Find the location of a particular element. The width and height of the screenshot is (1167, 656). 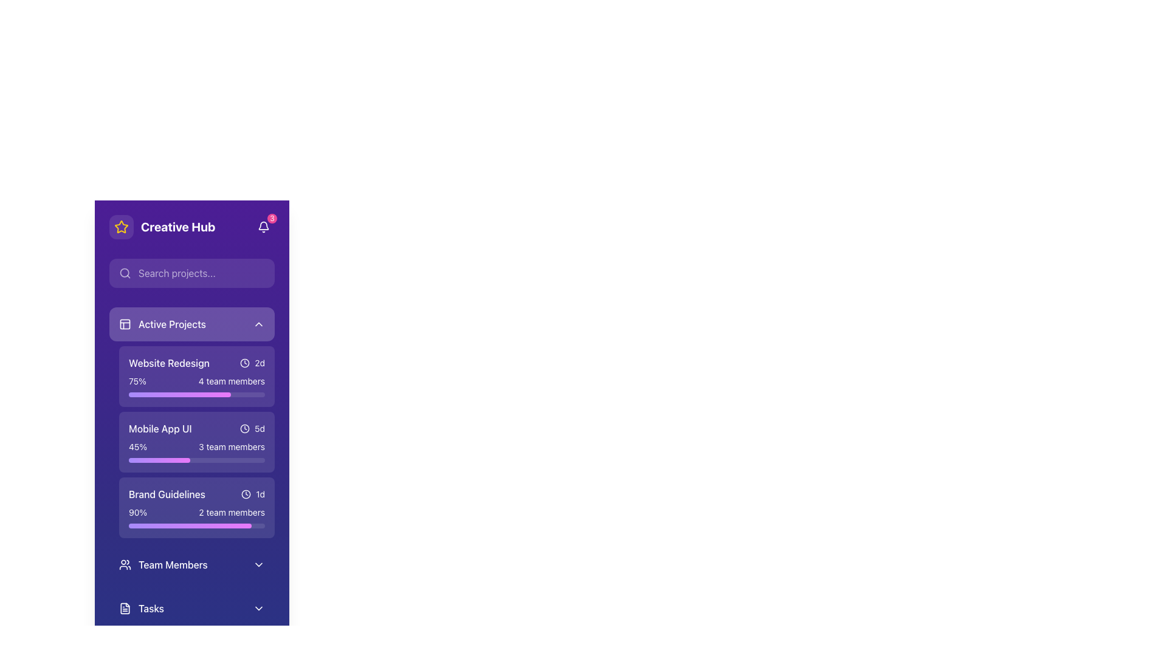

the star-shaped icon with a yellow outline and purple fill, located at the top-left corner of the 'Creative Hub' sidebar, next to the 'Creative Hub' title text is located at coordinates (122, 227).